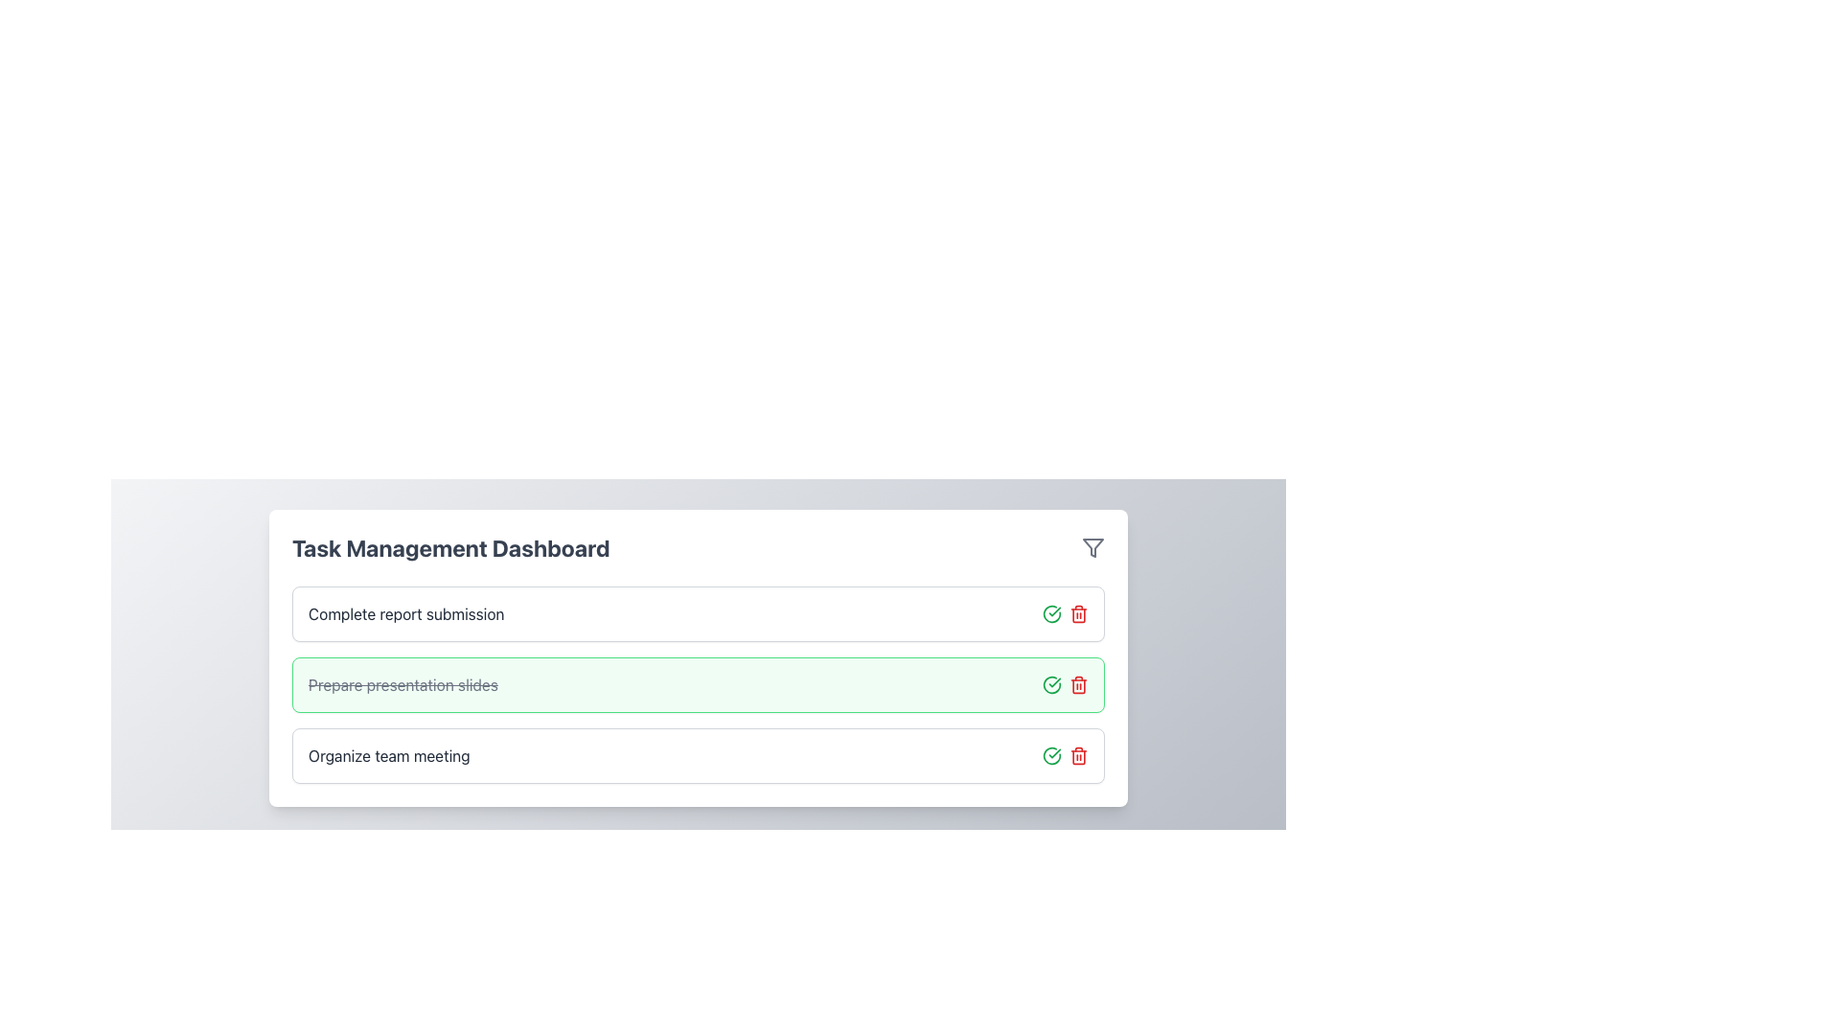 The height and width of the screenshot is (1035, 1840). I want to click on the delete button for the task 'Prepare presentation slides', so click(1079, 613).